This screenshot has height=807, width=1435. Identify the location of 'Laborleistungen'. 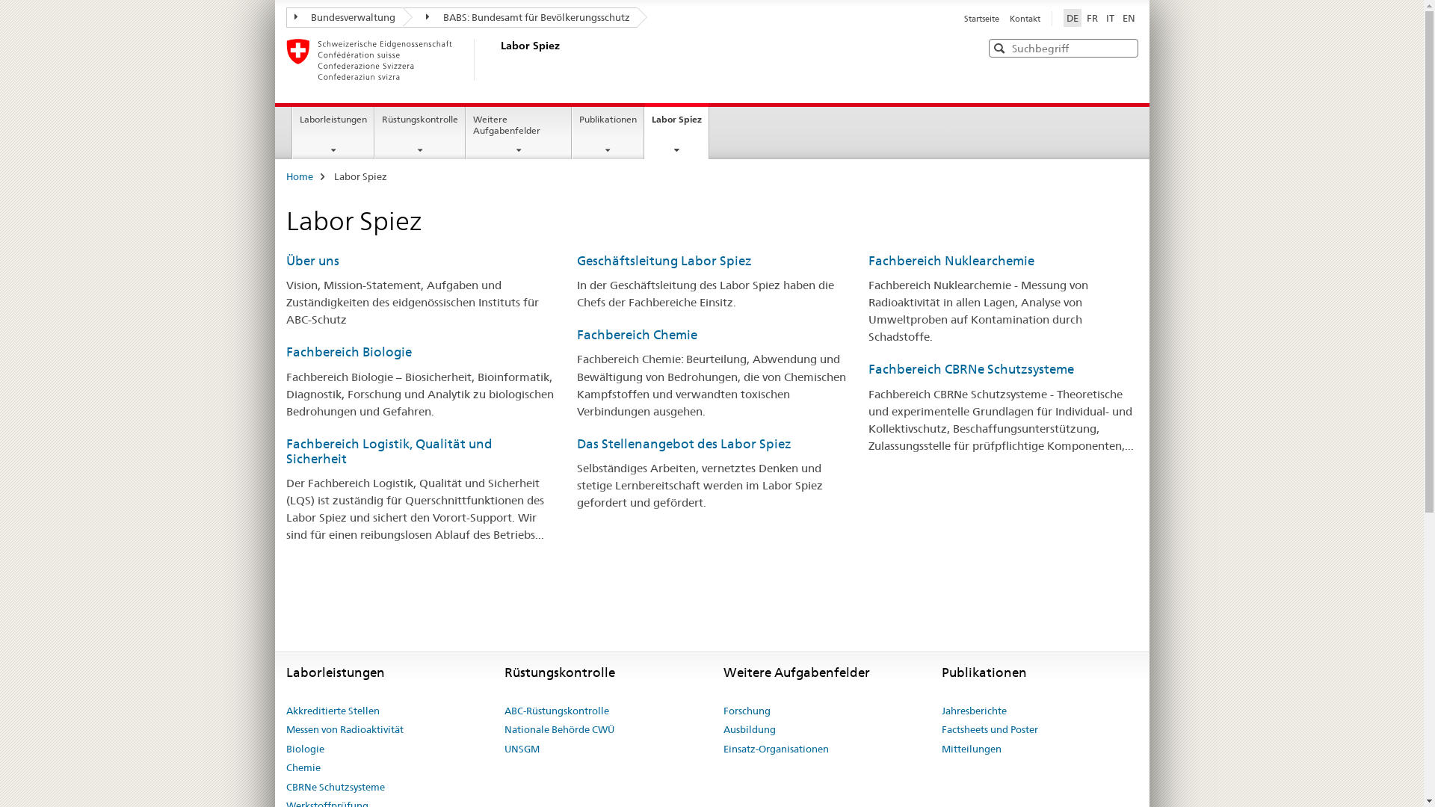
(333, 132).